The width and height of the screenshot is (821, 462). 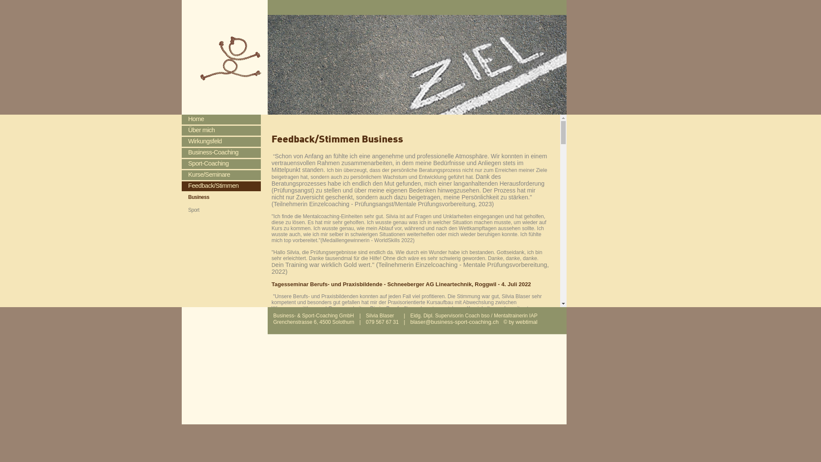 What do you see at coordinates (221, 152) in the screenshot?
I see `'Business-Coaching'` at bounding box center [221, 152].